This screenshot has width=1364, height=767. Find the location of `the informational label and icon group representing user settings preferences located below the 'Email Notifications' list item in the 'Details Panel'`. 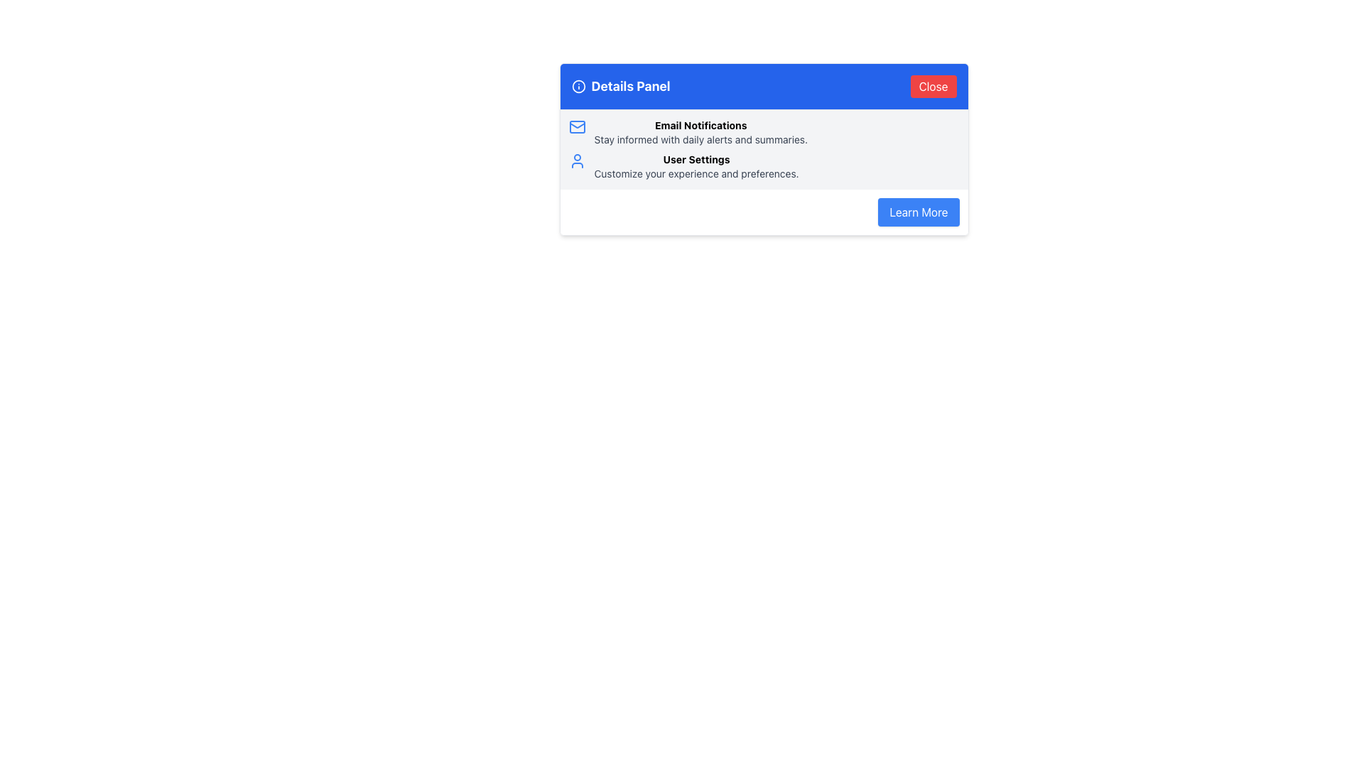

the informational label and icon group representing user settings preferences located below the 'Email Notifications' list item in the 'Details Panel' is located at coordinates (763, 166).